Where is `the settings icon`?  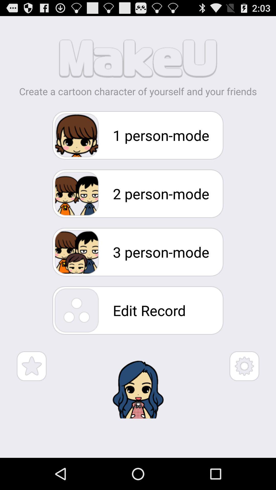
the settings icon is located at coordinates (244, 391).